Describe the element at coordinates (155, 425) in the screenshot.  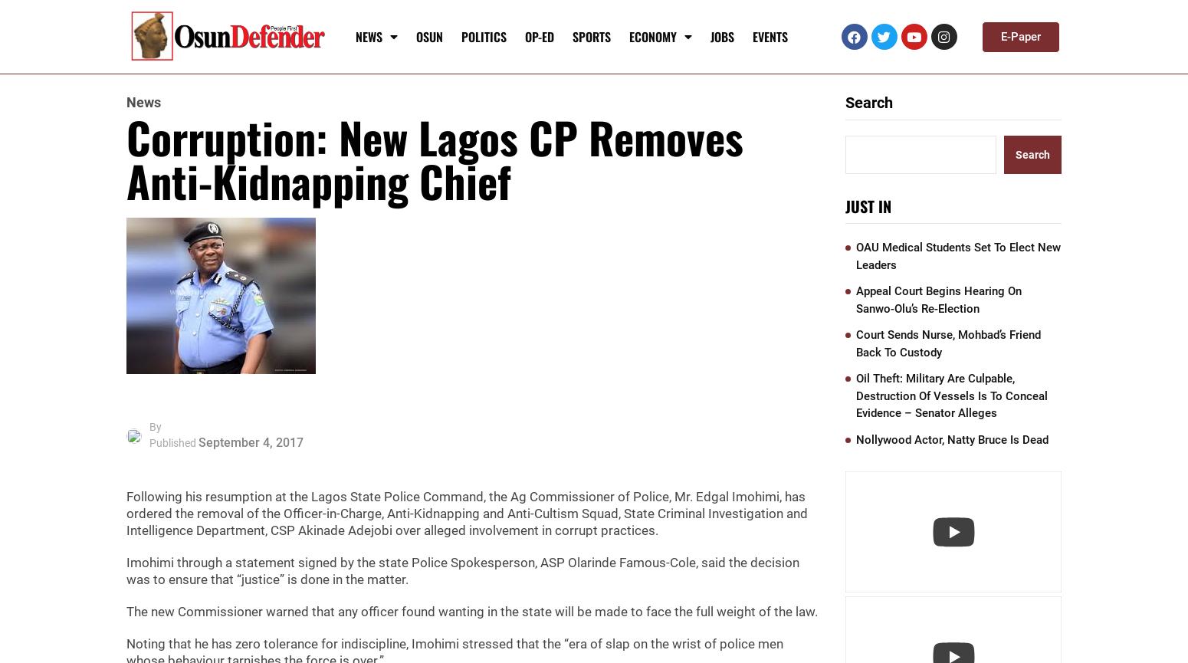
I see `'By'` at that location.